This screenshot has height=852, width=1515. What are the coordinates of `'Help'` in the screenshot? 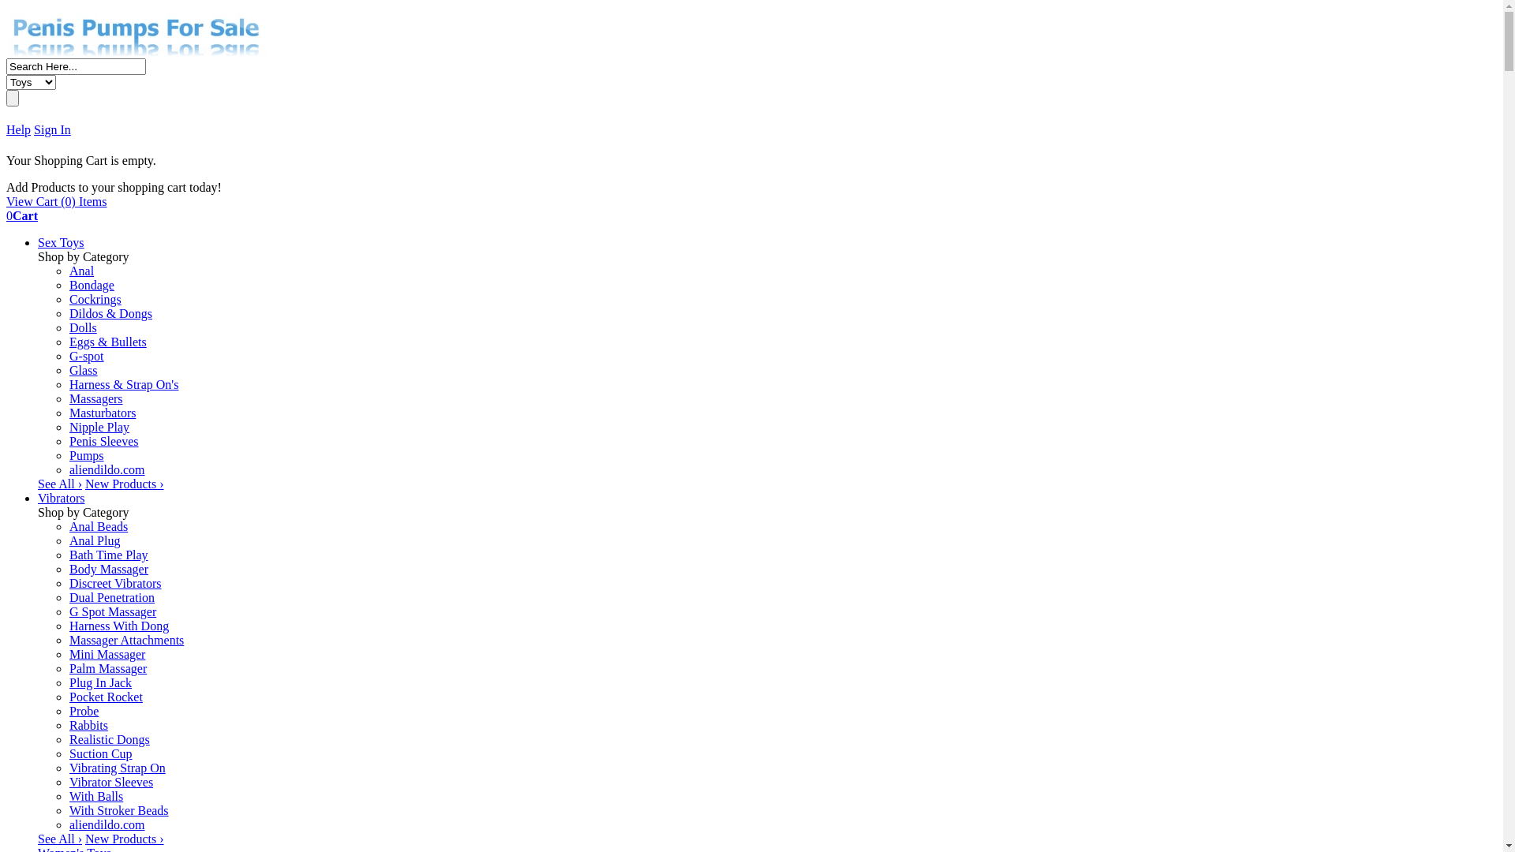 It's located at (6, 129).